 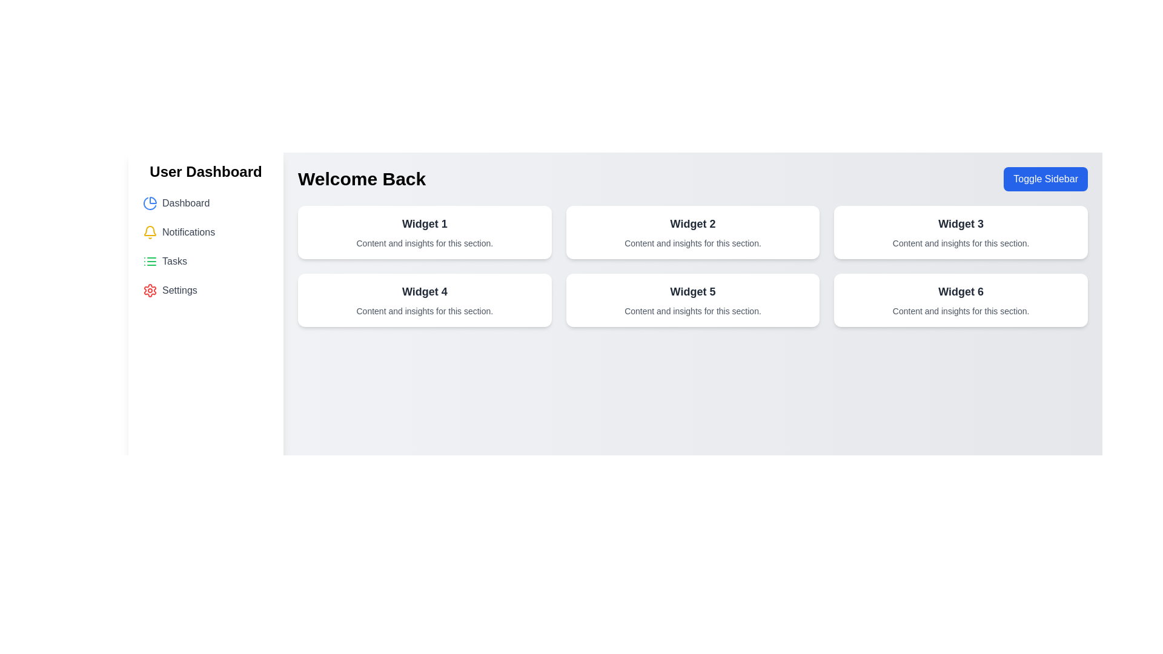 What do you see at coordinates (206, 261) in the screenshot?
I see `the Navigation link that redirects users to the task management section, located in the vertical navigation menu after 'Notifications' and before 'Settings'` at bounding box center [206, 261].